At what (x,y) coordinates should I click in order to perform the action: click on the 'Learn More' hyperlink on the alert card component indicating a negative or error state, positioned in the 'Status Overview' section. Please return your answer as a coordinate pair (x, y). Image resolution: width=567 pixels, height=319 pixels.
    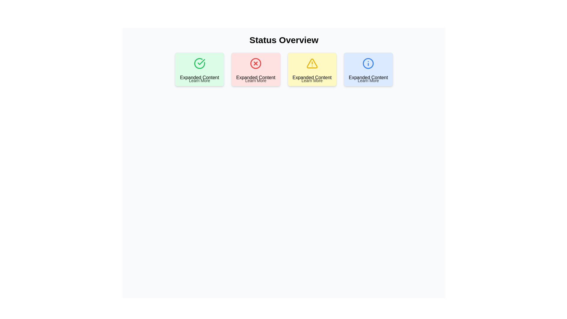
    Looking at the image, I should click on (256, 69).